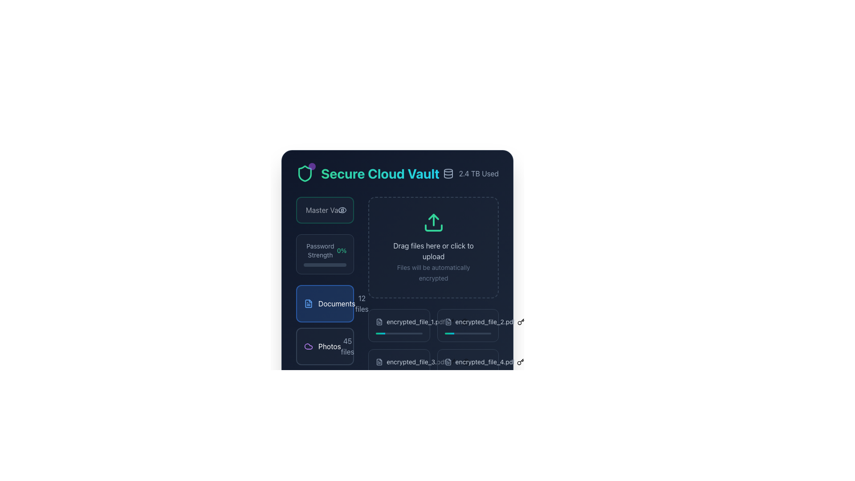 The width and height of the screenshot is (855, 481). What do you see at coordinates (399, 362) in the screenshot?
I see `the text label 'encrypted_file_3.pdf' which is styled in a small slate-colored font and accompanied by a small document icon, located in the second row of the document file list within the 'Documents' section` at bounding box center [399, 362].